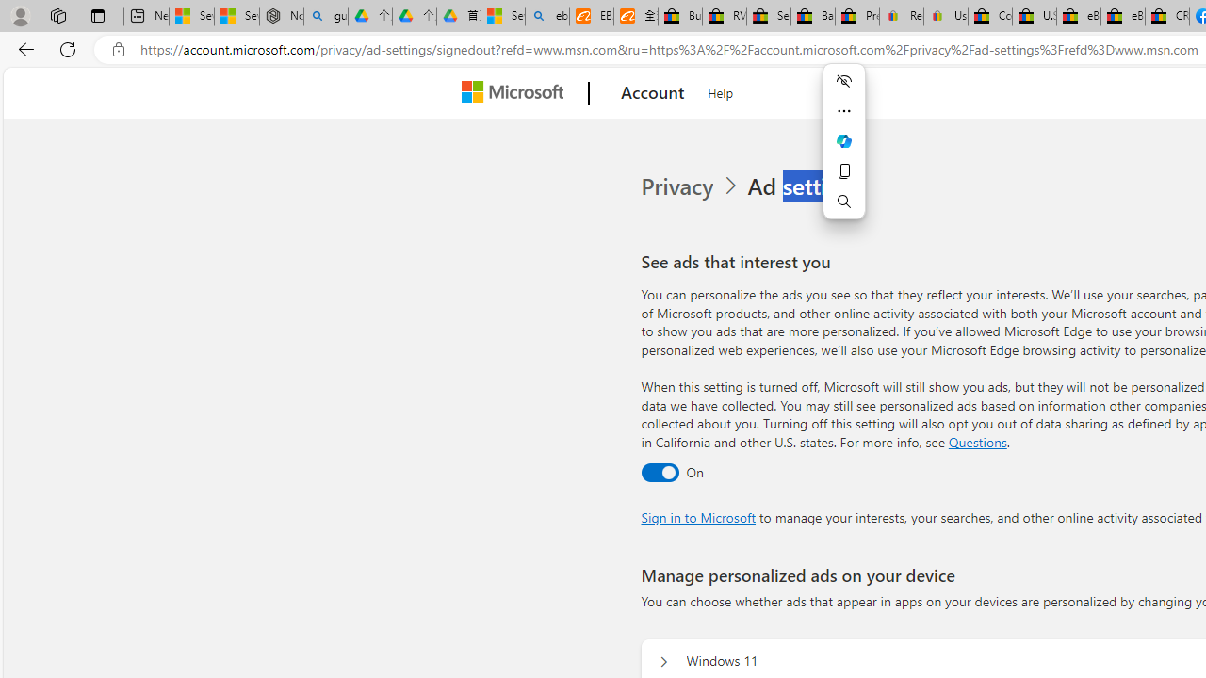 Image resolution: width=1206 pixels, height=678 pixels. What do you see at coordinates (812, 16) in the screenshot?
I see `'Baby Keepsakes & Announcements for sale | eBay'` at bounding box center [812, 16].